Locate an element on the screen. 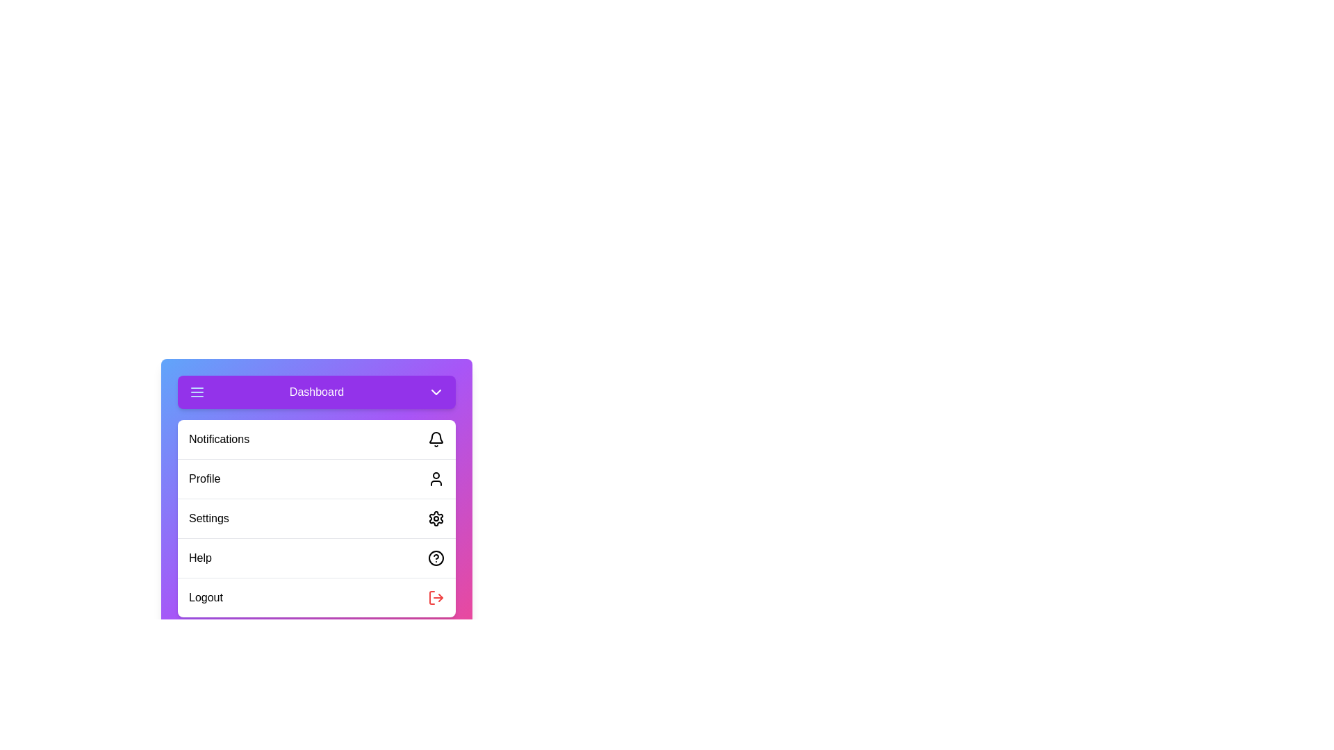 Image resolution: width=1334 pixels, height=750 pixels. the menu item Logout from the menu is located at coordinates (316, 597).